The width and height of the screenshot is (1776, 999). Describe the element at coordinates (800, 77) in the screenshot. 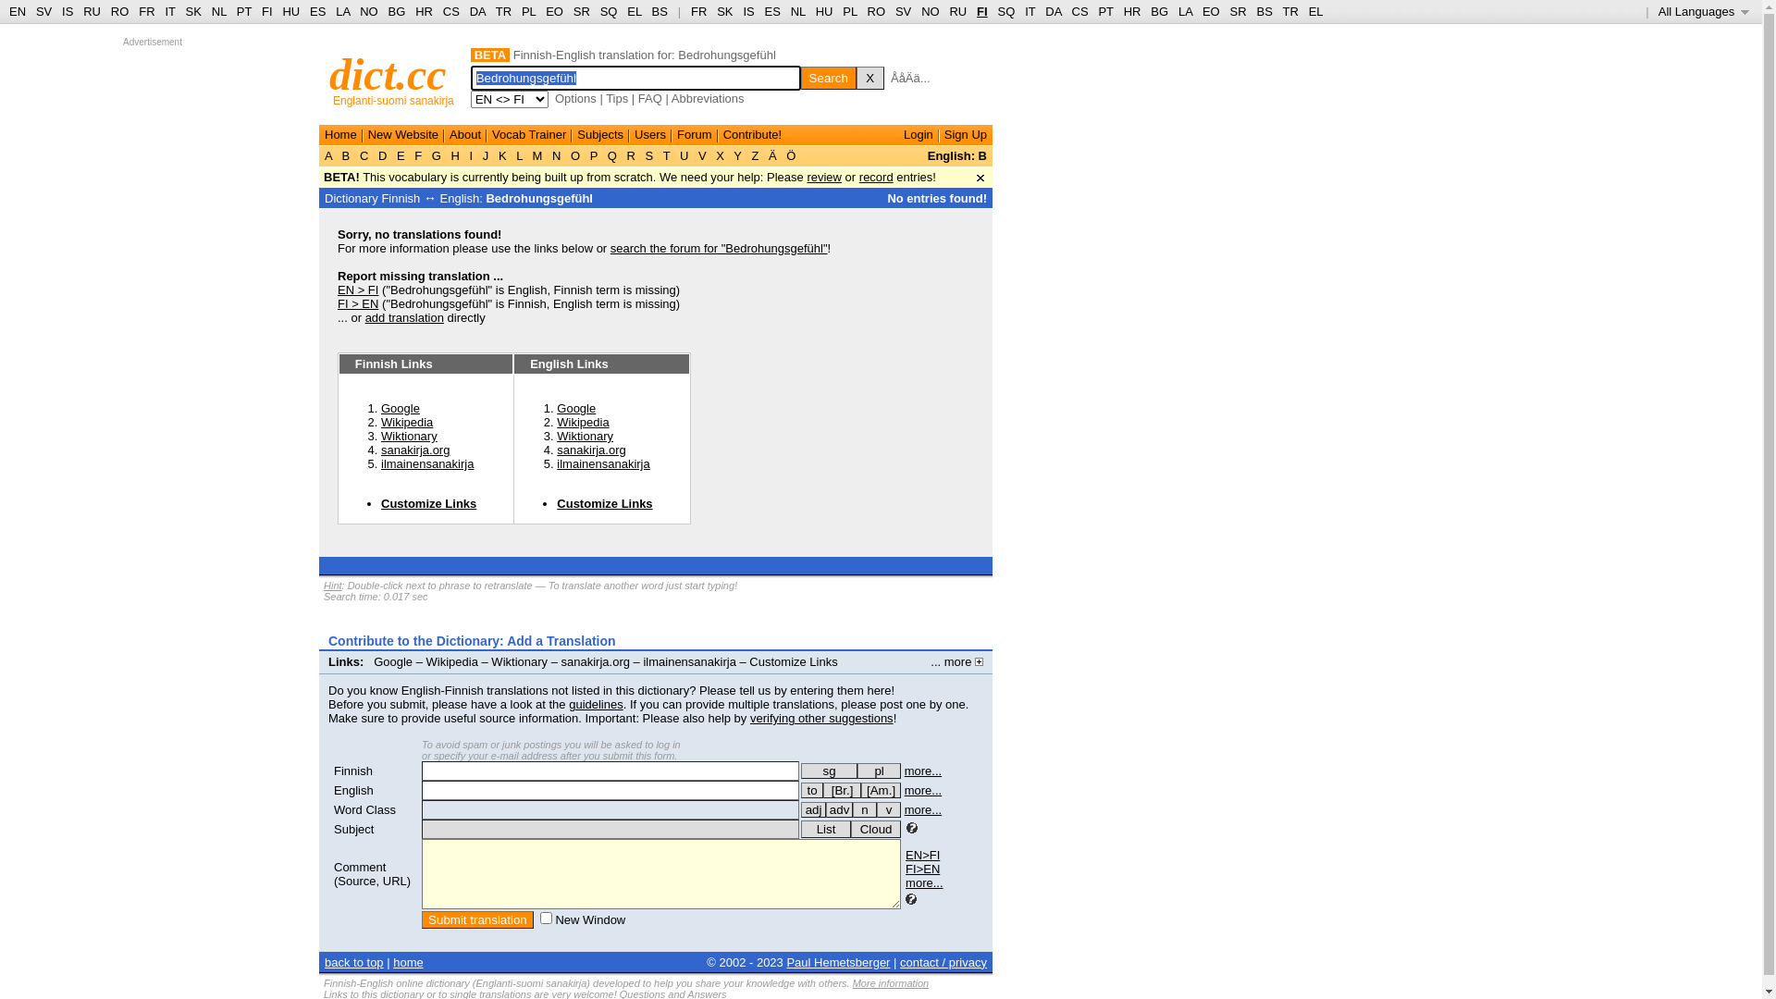

I see `'Search'` at that location.